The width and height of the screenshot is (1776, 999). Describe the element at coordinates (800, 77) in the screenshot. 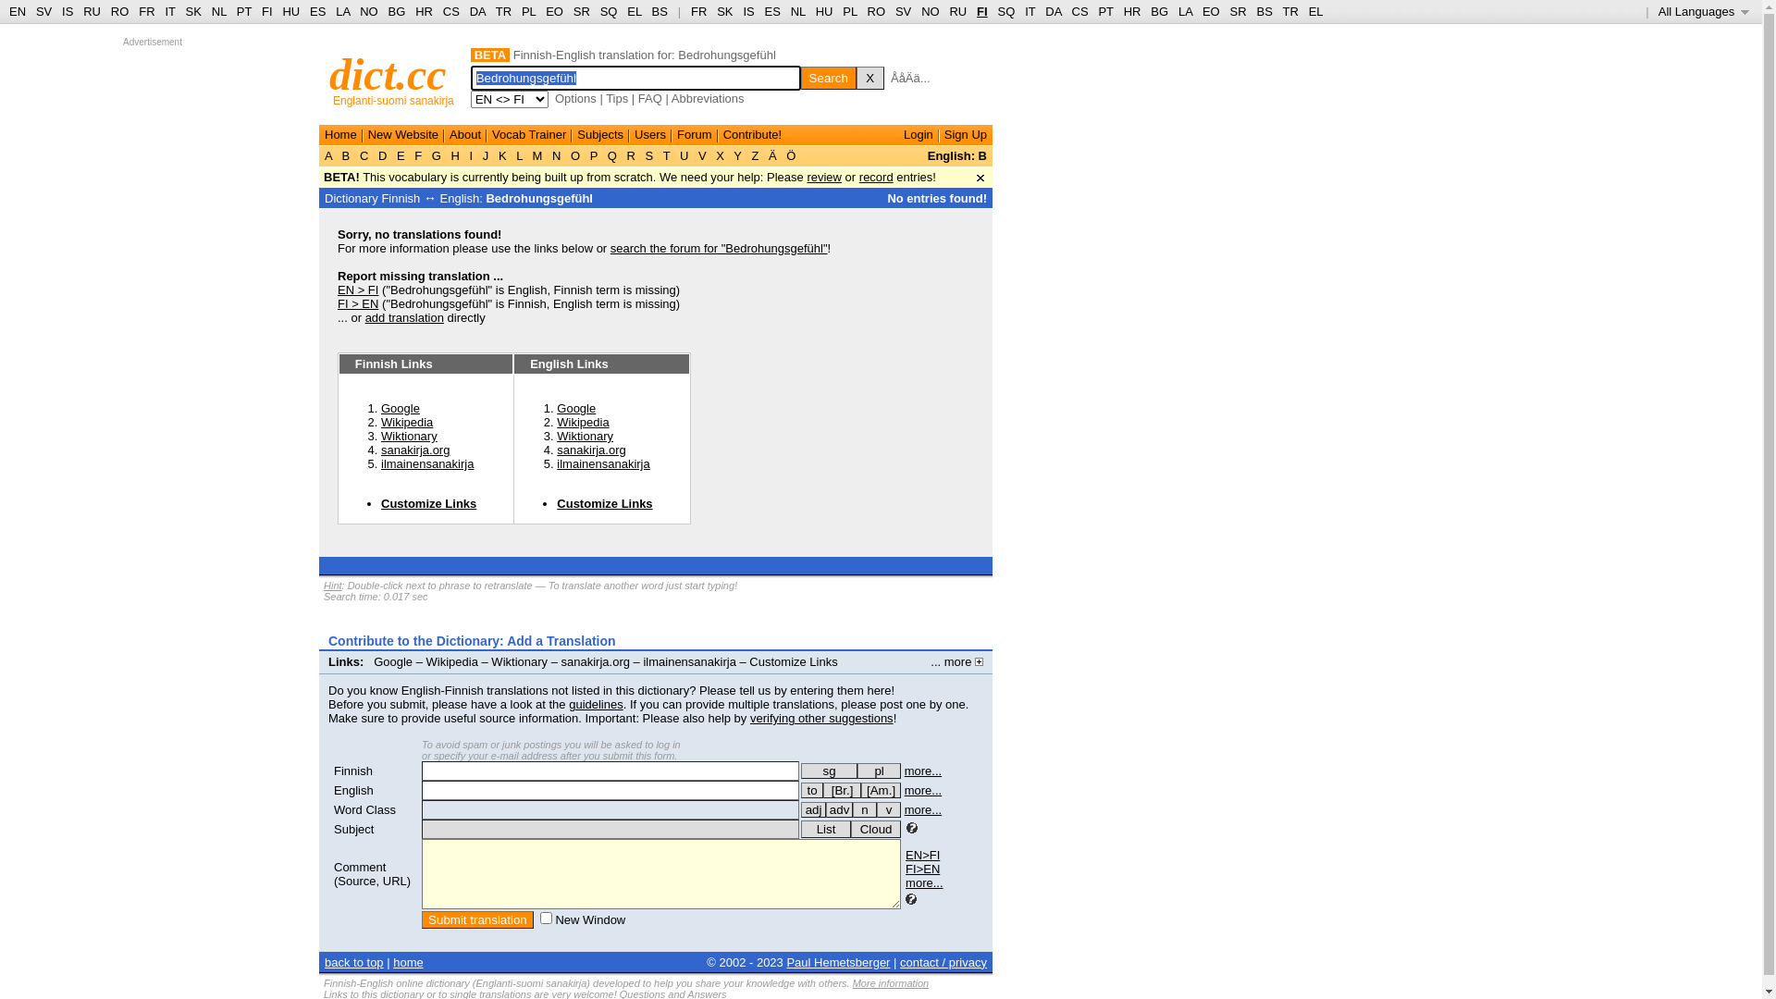

I see `'Search'` at that location.